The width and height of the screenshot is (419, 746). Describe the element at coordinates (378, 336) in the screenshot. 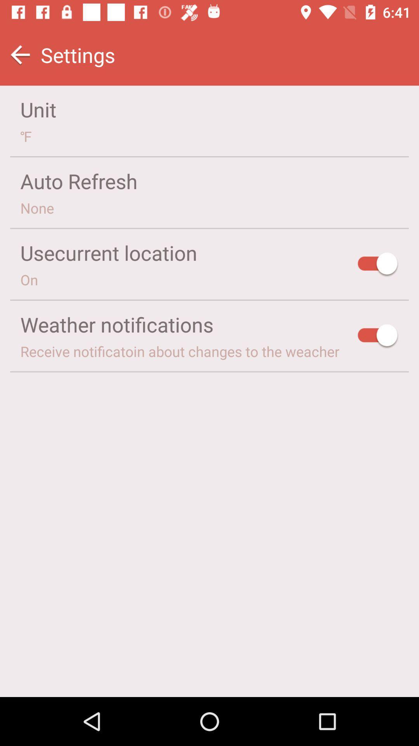

I see `the icon to the right of the weather notifications` at that location.